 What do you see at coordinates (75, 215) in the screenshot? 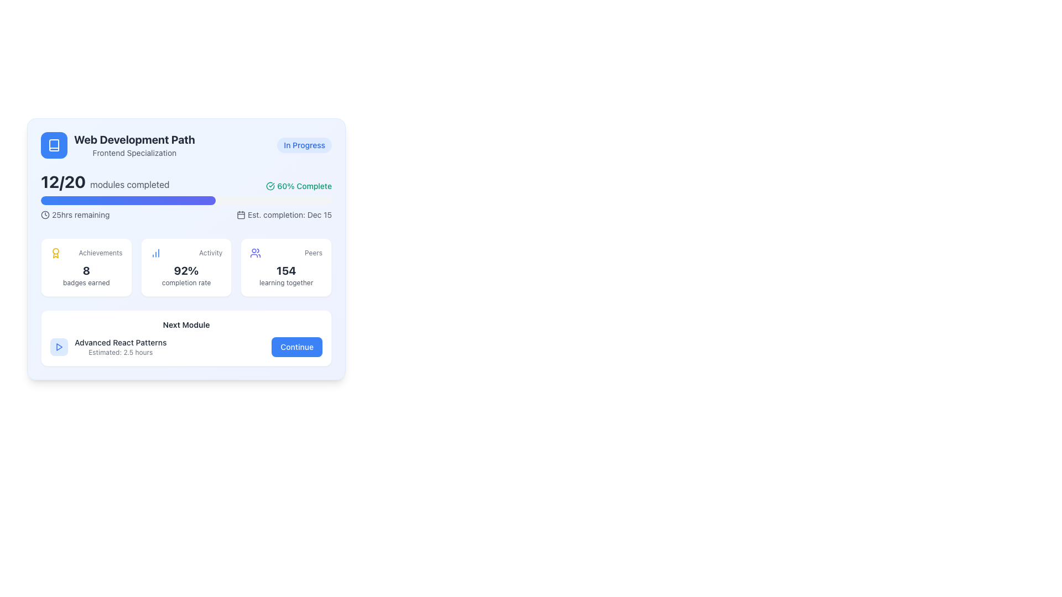
I see `the text '25hrs remaining' with the accompanying clock icon, which is located above the progress bar and to the left of the 'Est. completion: Dec 15' text` at bounding box center [75, 215].